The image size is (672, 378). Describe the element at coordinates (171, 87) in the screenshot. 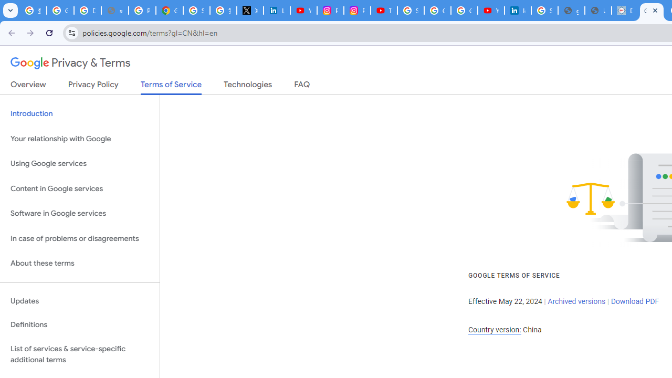

I see `'Terms of Service'` at that location.